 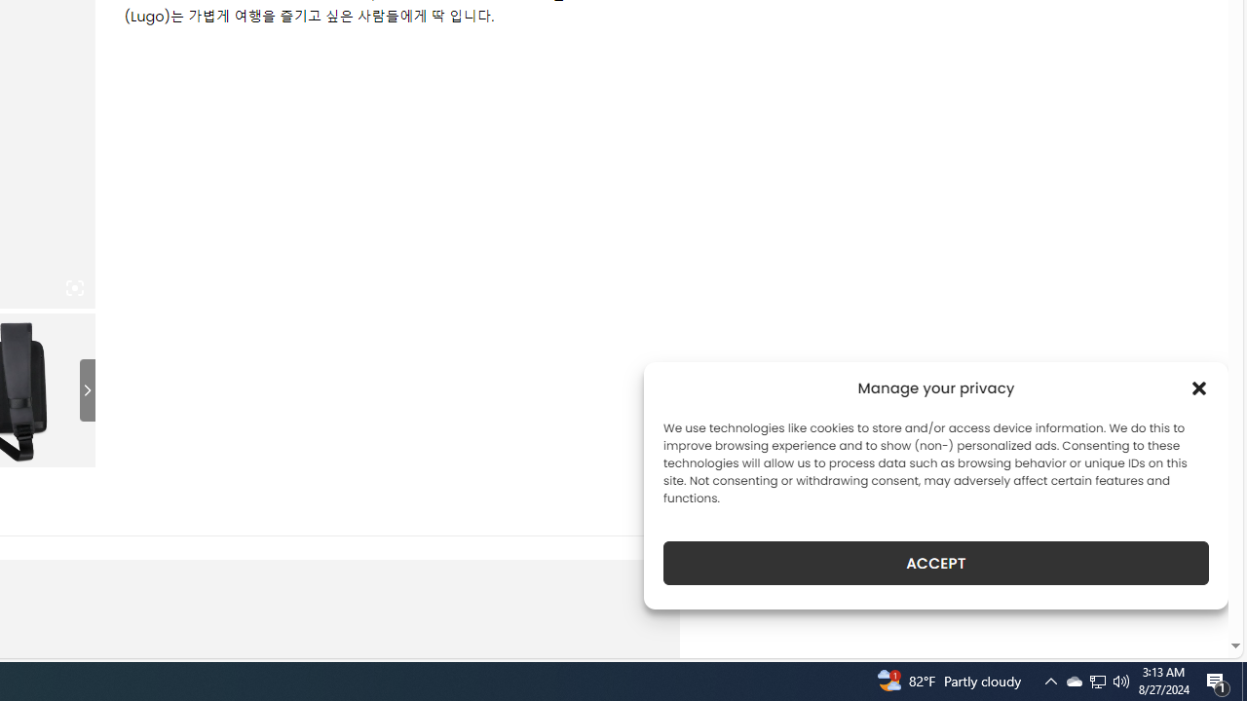 What do you see at coordinates (74, 288) in the screenshot?
I see `'Class: iconic-woothumbs-fullscreen'` at bounding box center [74, 288].